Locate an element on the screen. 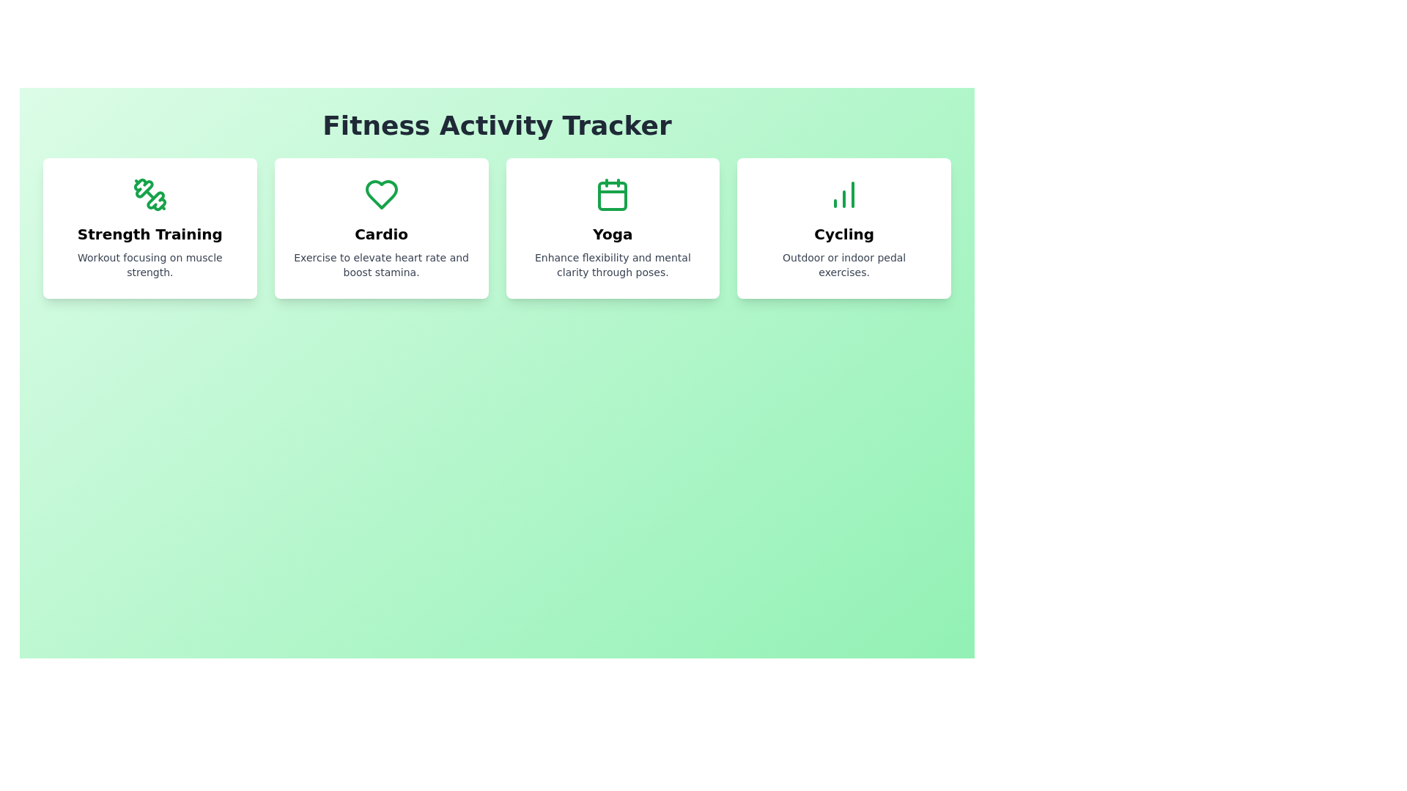 The width and height of the screenshot is (1407, 791). the text element styled in small gray font that reads 'Outdoor or indoor pedal exercises.', located below the 'Cycling' title in the far right box of the 'Fitness Activity Tracker' grid is located at coordinates (844, 265).